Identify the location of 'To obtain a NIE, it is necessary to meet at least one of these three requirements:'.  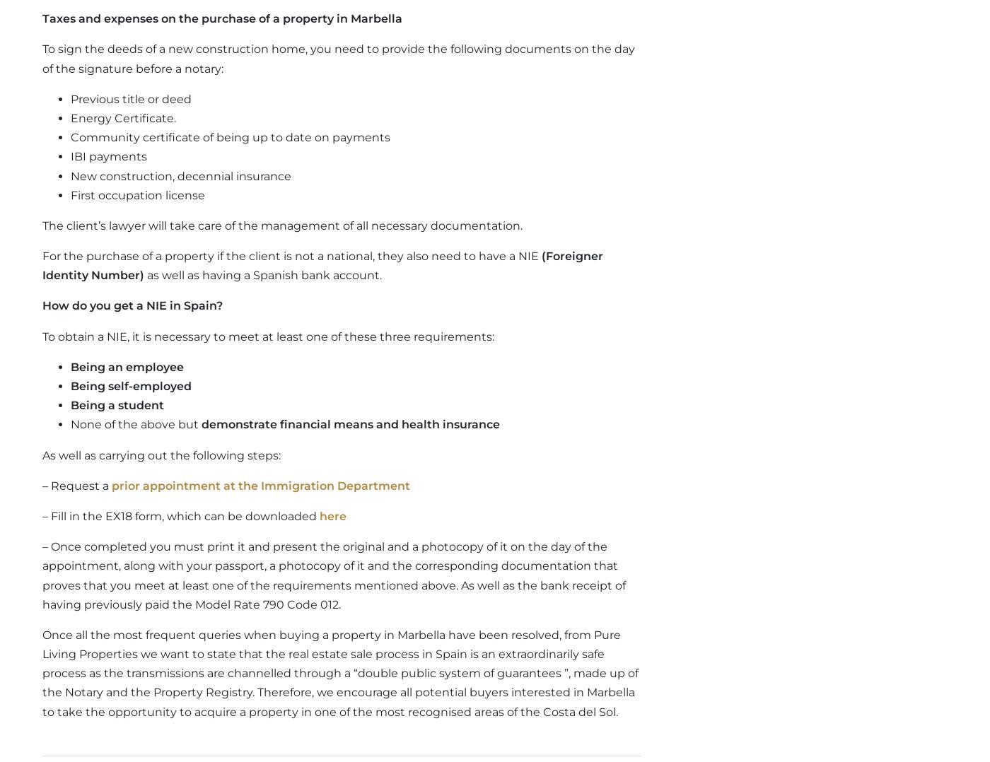
(268, 335).